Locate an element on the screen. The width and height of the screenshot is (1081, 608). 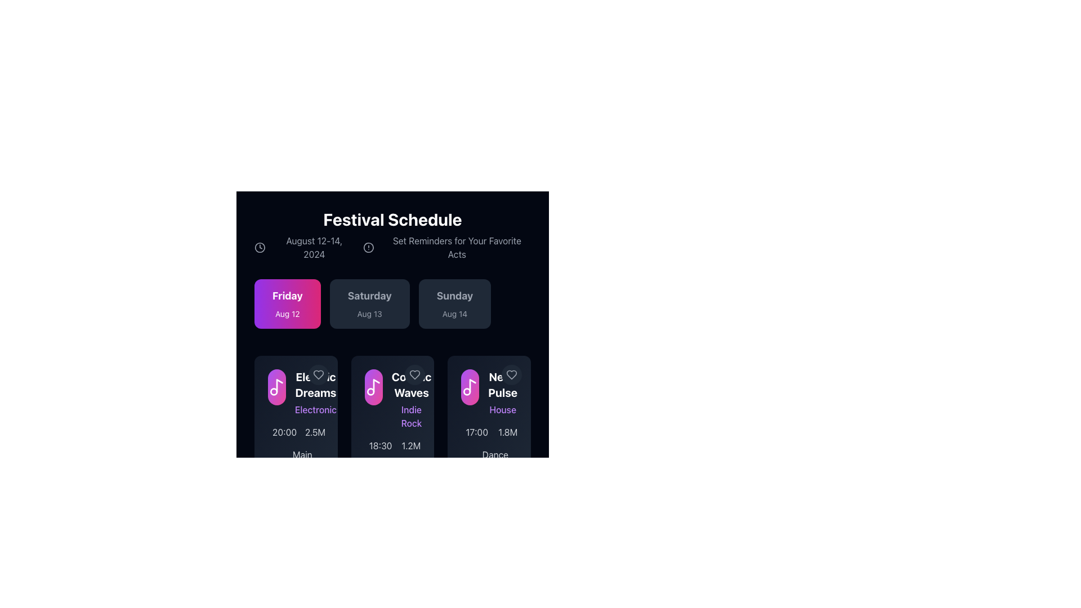
the musical note icon located in the top-left section of the 'Cool Waves' card under the 'Saturday, Aug 13' schedule is located at coordinates (376, 385).